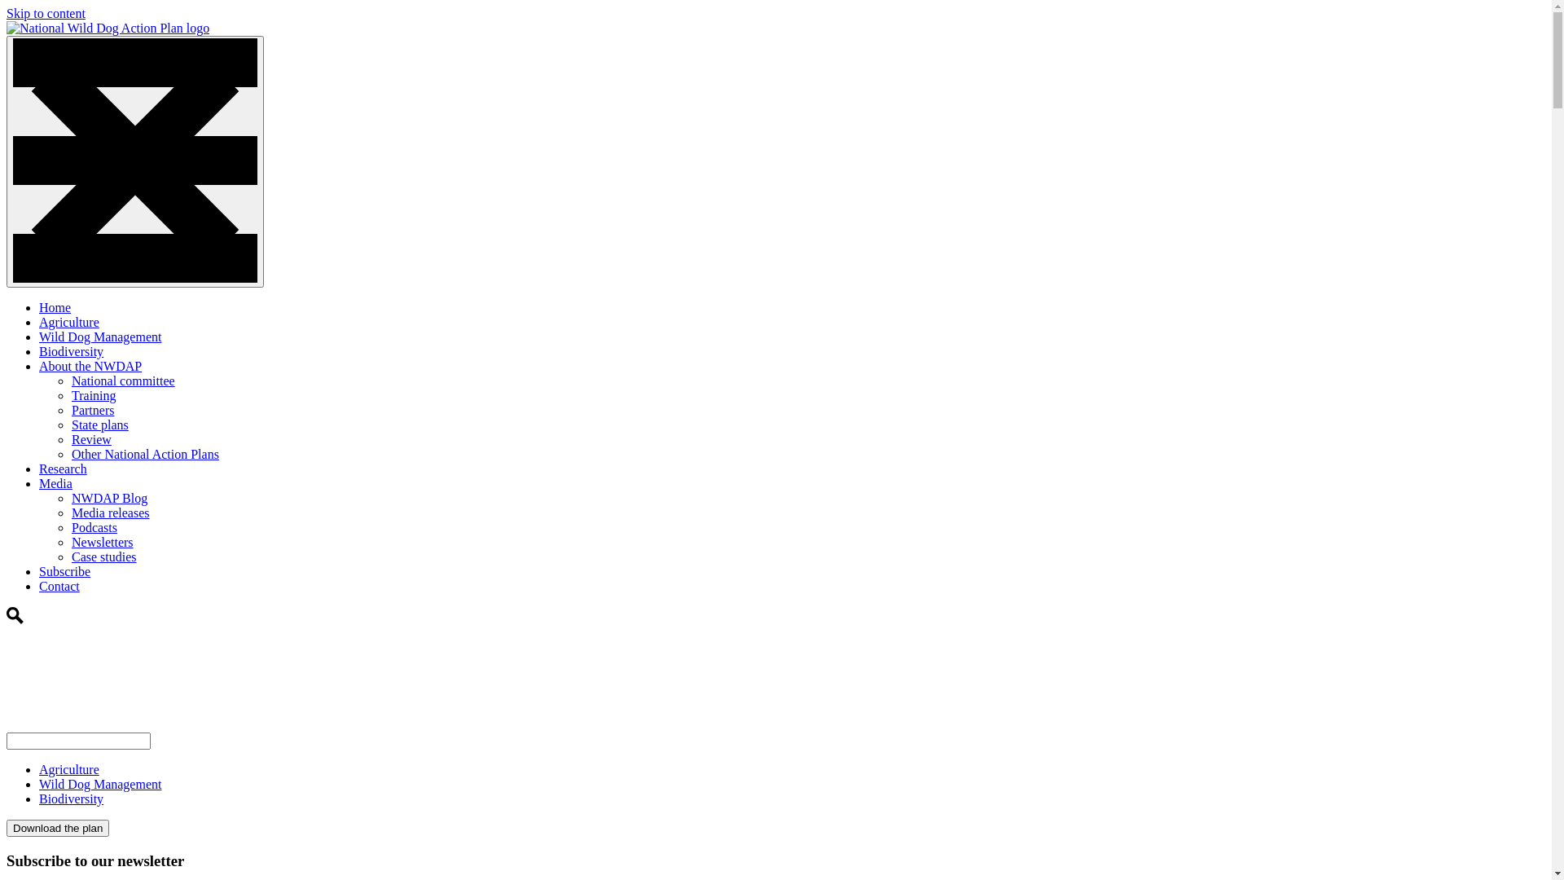  I want to click on 'Other National Action Plans', so click(145, 454).